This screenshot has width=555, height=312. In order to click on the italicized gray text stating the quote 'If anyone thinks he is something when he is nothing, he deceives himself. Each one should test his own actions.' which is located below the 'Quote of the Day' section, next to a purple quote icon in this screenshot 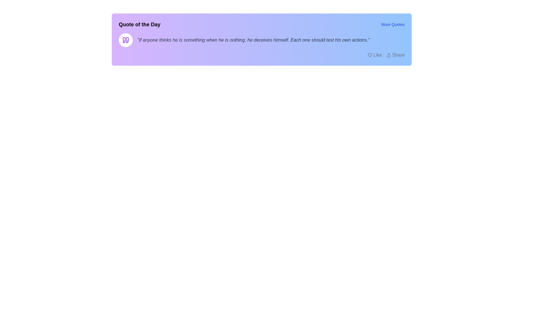, I will do `click(261, 40)`.